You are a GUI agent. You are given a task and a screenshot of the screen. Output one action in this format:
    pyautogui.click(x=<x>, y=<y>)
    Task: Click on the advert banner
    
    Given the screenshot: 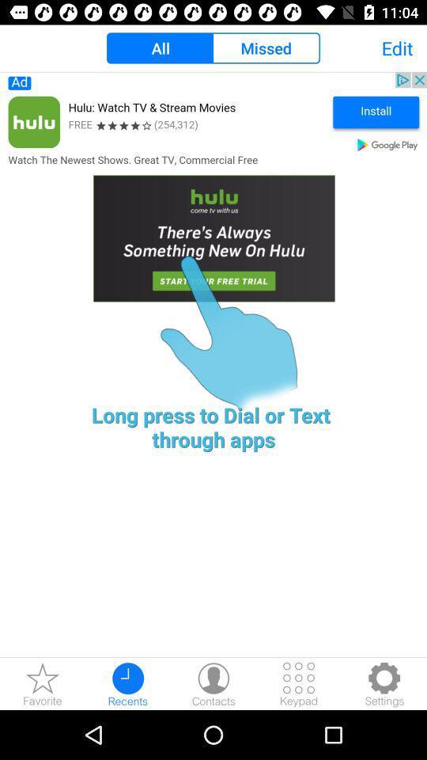 What is the action you would take?
    pyautogui.click(x=213, y=201)
    